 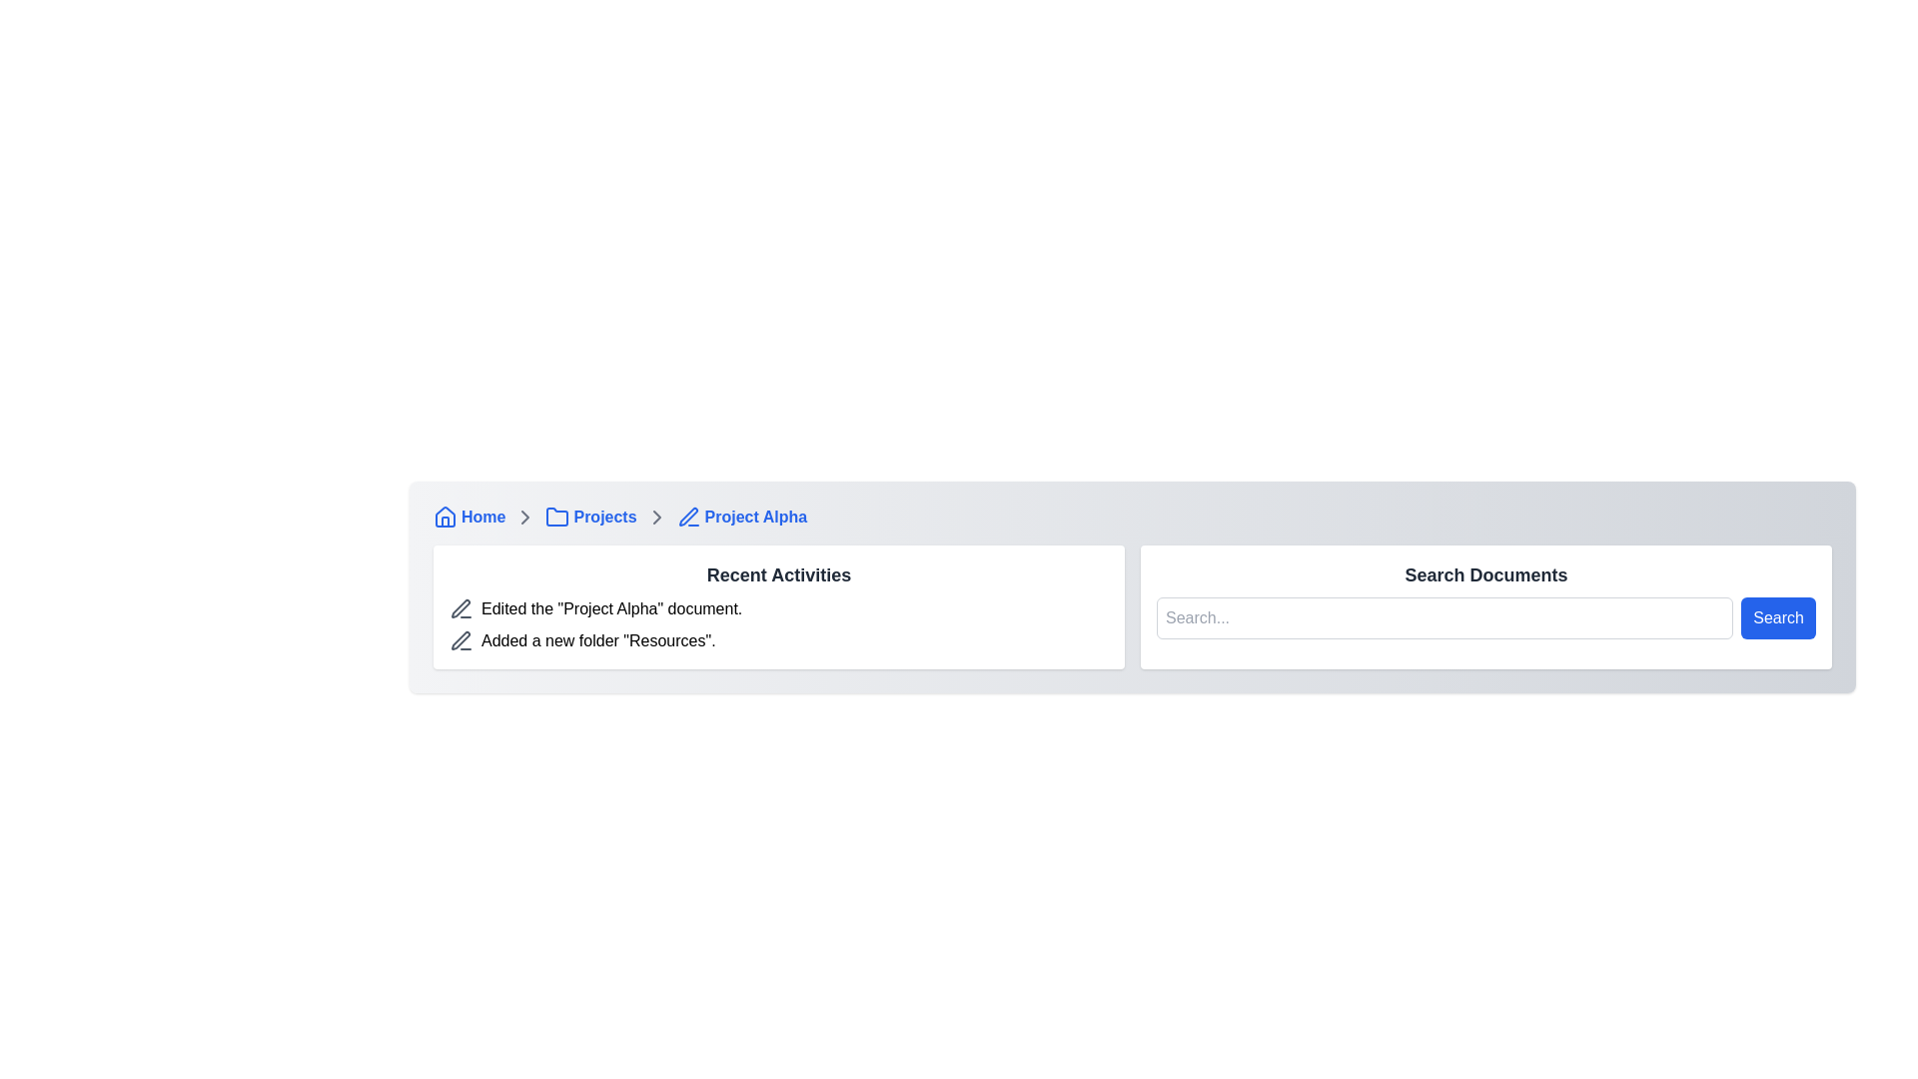 What do you see at coordinates (483, 516) in the screenshot?
I see `the bold blue text label 'Home' located in the navigation bar` at bounding box center [483, 516].